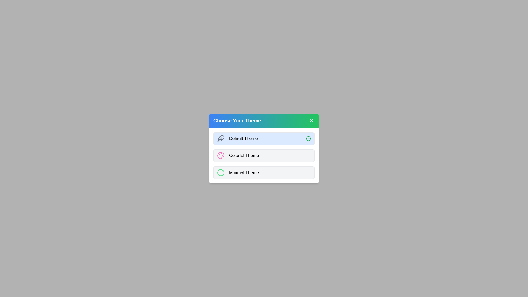 The image size is (528, 297). What do you see at coordinates (264, 172) in the screenshot?
I see `the 'Minimal Theme' button to select it` at bounding box center [264, 172].